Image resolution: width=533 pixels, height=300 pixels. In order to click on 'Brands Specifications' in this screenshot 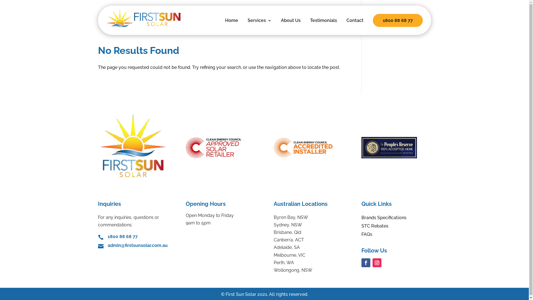, I will do `click(383, 218)`.